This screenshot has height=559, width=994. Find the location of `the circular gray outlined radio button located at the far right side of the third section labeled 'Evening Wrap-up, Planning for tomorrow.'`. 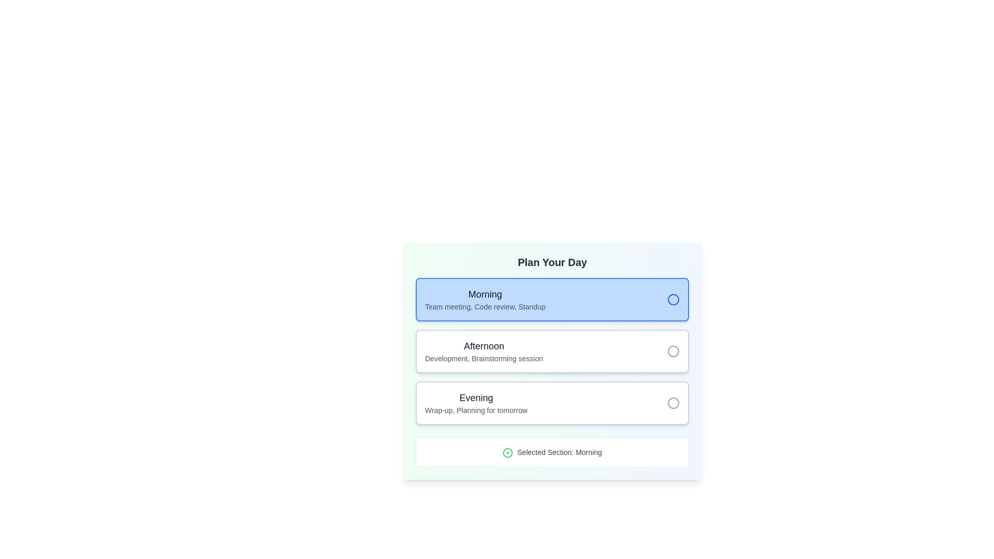

the circular gray outlined radio button located at the far right side of the third section labeled 'Evening Wrap-up, Planning for tomorrow.' is located at coordinates (673, 403).